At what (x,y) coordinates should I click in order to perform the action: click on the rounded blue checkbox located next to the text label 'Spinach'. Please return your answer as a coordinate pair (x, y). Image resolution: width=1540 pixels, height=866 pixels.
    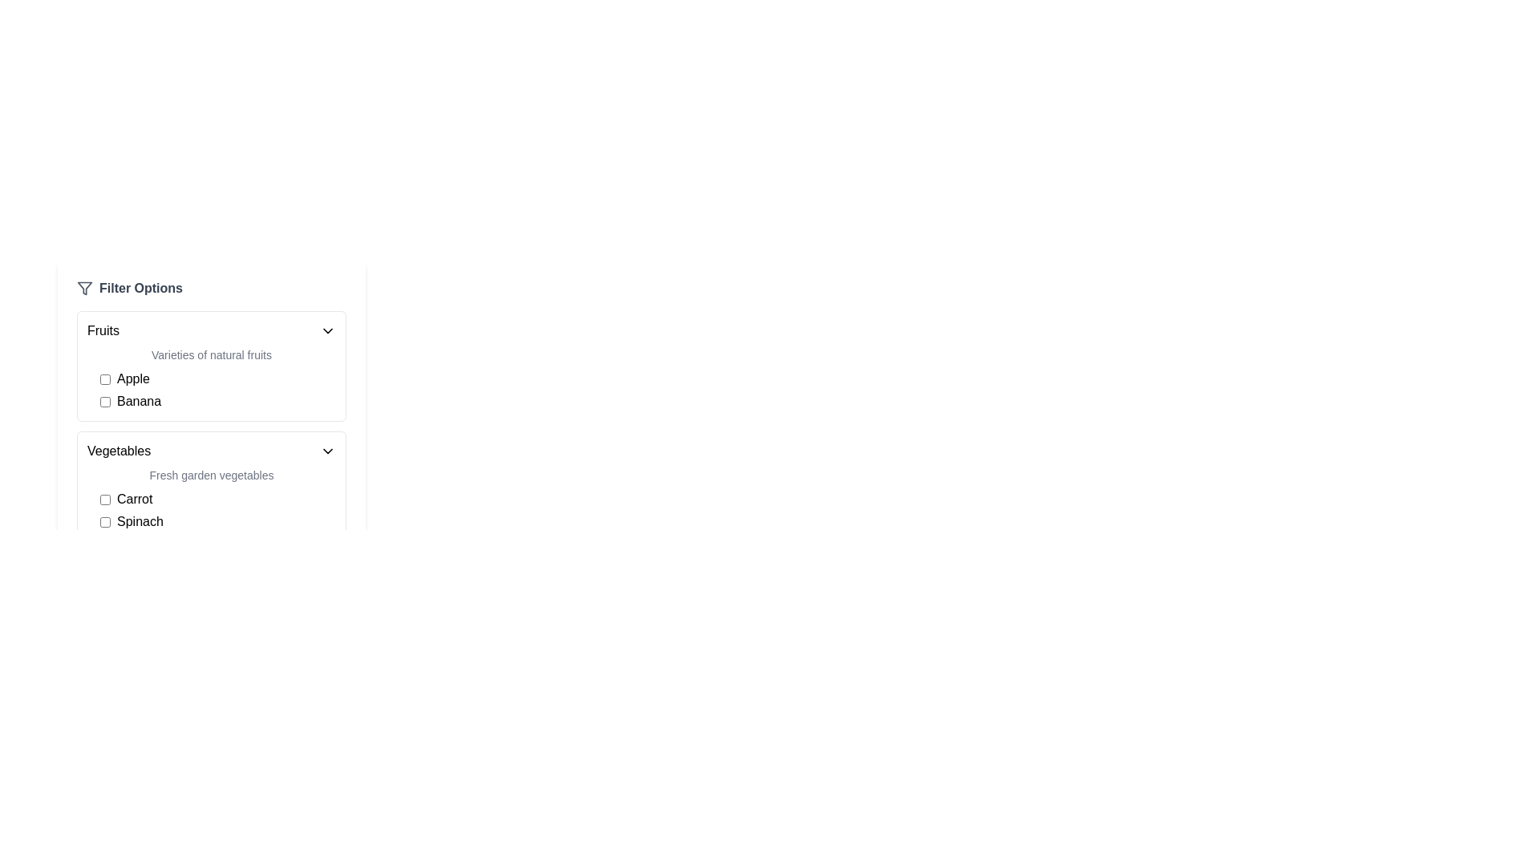
    Looking at the image, I should click on (104, 522).